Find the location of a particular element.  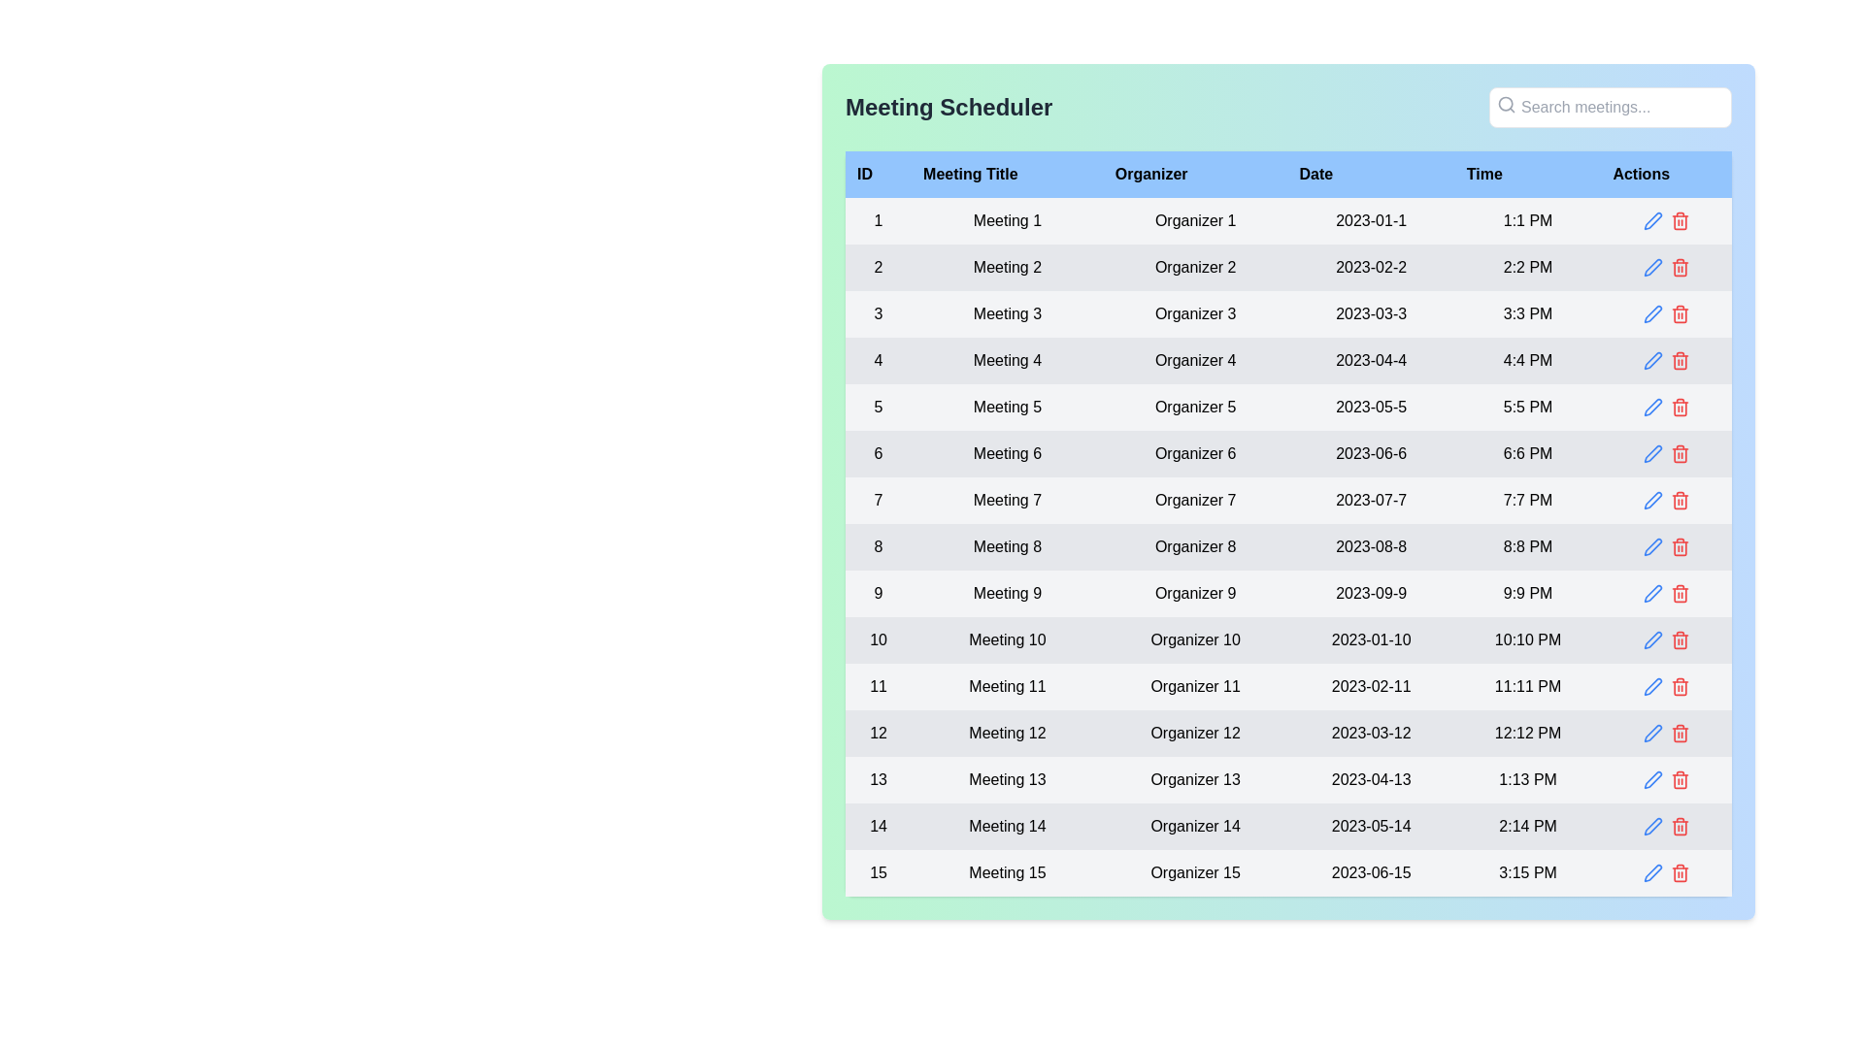

the text label displaying 'Organizer 8' in the light gray cell of the eighth row in the 'Organizer' column of the 'Meeting Scheduler' table is located at coordinates (1194, 546).